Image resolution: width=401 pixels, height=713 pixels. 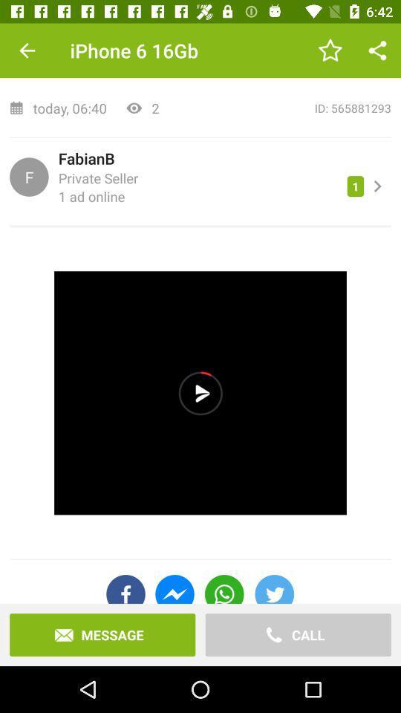 I want to click on paly button, so click(x=200, y=392).